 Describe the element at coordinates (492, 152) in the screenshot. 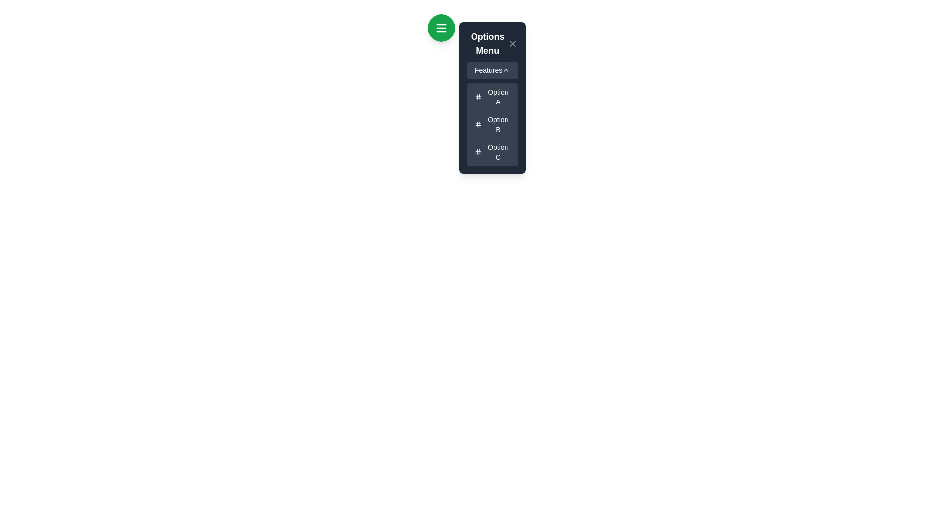

I see `the 'Option C' text button with a hash icon` at that location.